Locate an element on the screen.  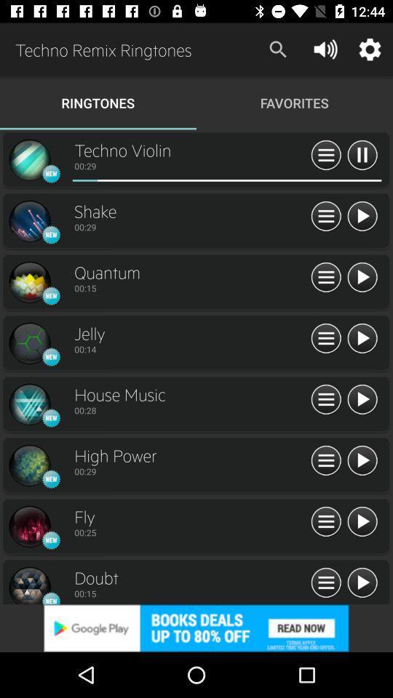
option is located at coordinates (326, 400).